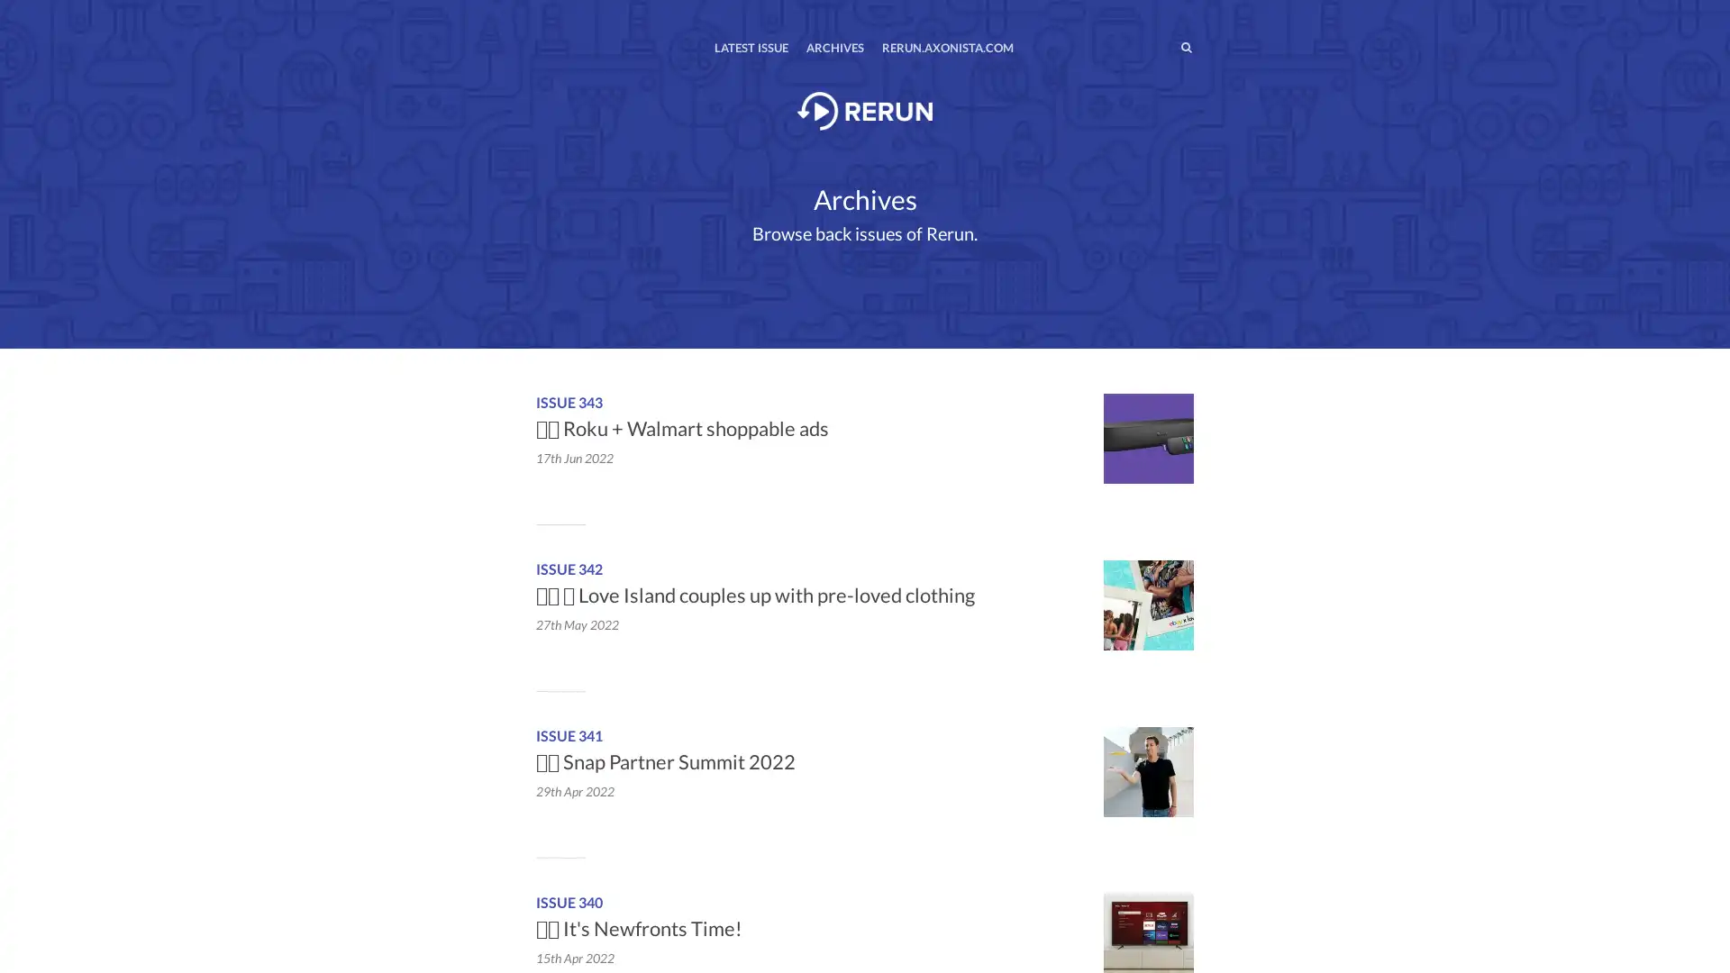 Image resolution: width=1730 pixels, height=973 pixels. What do you see at coordinates (539, 13) in the screenshot?
I see `TOGGLE MENU` at bounding box center [539, 13].